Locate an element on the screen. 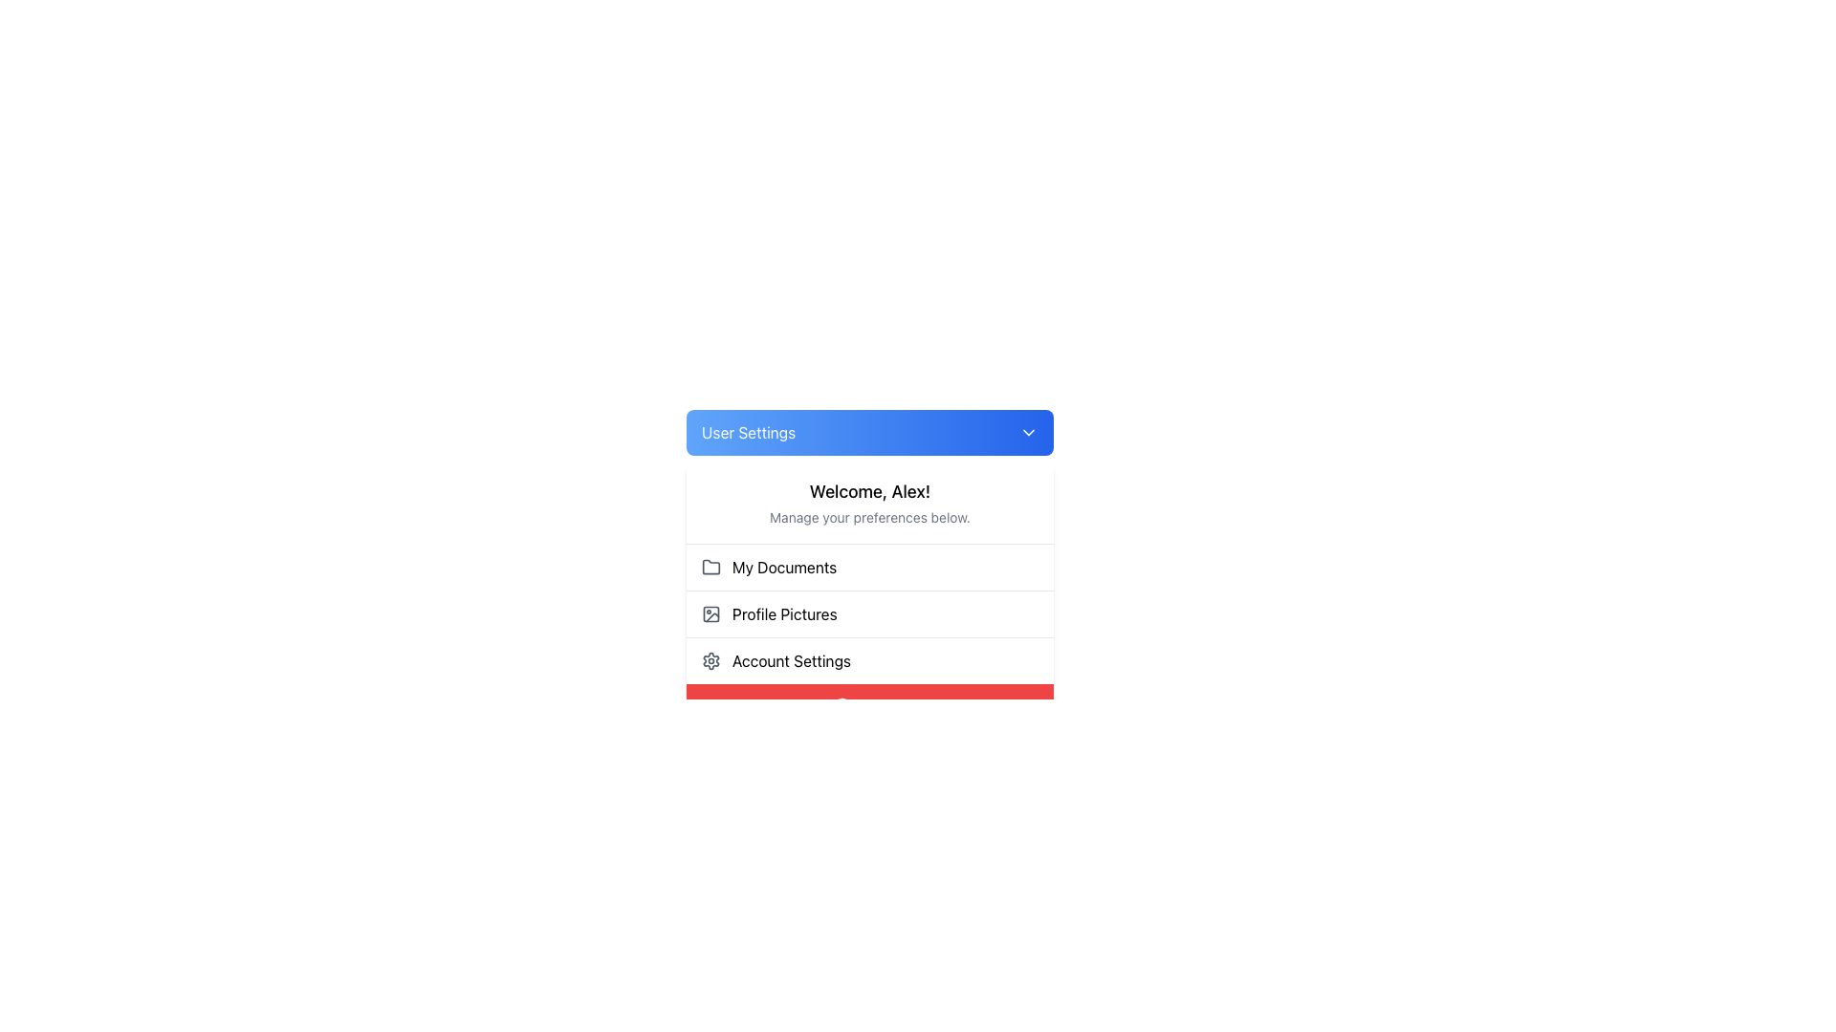 This screenshot has width=1836, height=1032. the welcoming text content located at the top of the 'User Settings' dropdown, which guides users to manage their preferences is located at coordinates (869, 503).